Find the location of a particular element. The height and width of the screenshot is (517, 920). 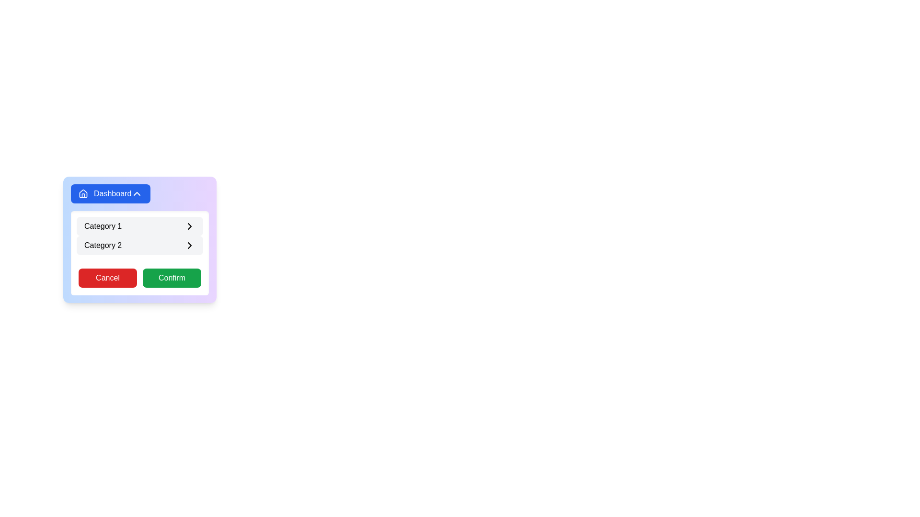

the 'Dashboard' navigation button located at the top section of the card component is located at coordinates (111, 194).